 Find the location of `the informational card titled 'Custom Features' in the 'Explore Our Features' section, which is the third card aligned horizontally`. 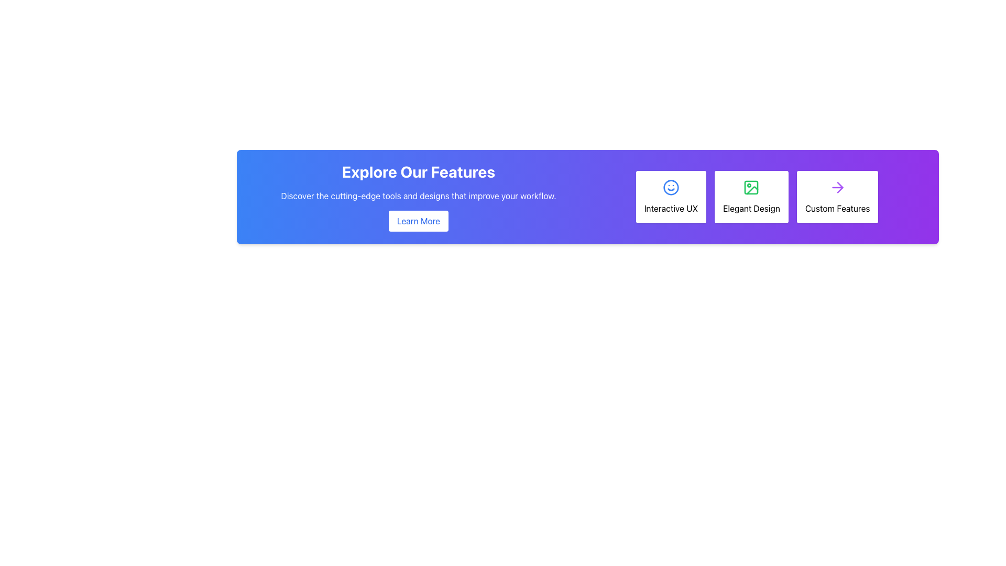

the informational card titled 'Custom Features' in the 'Explore Our Features' section, which is the third card aligned horizontally is located at coordinates (837, 197).